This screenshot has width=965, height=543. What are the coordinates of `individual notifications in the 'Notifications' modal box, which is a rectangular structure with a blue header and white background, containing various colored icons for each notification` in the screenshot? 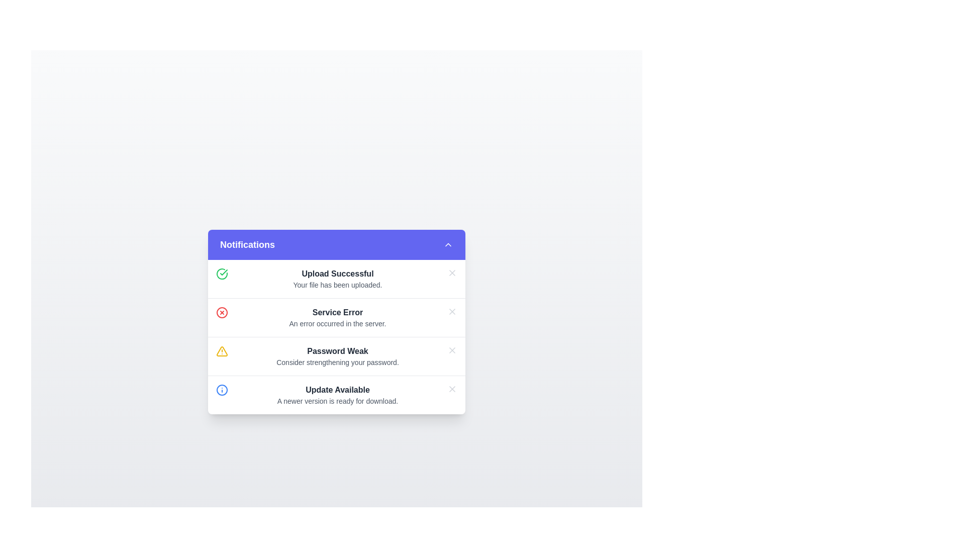 It's located at (337, 322).